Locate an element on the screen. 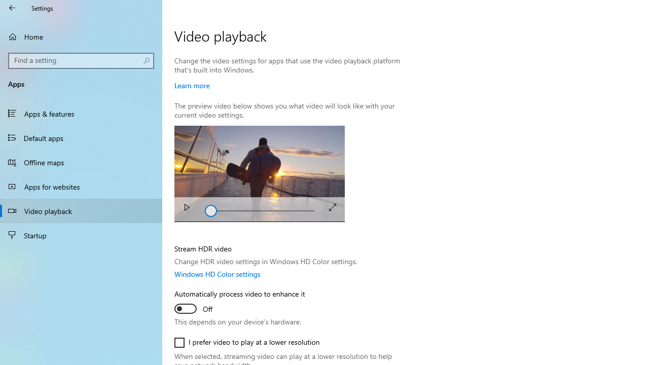  'Default apps' is located at coordinates (81, 137).